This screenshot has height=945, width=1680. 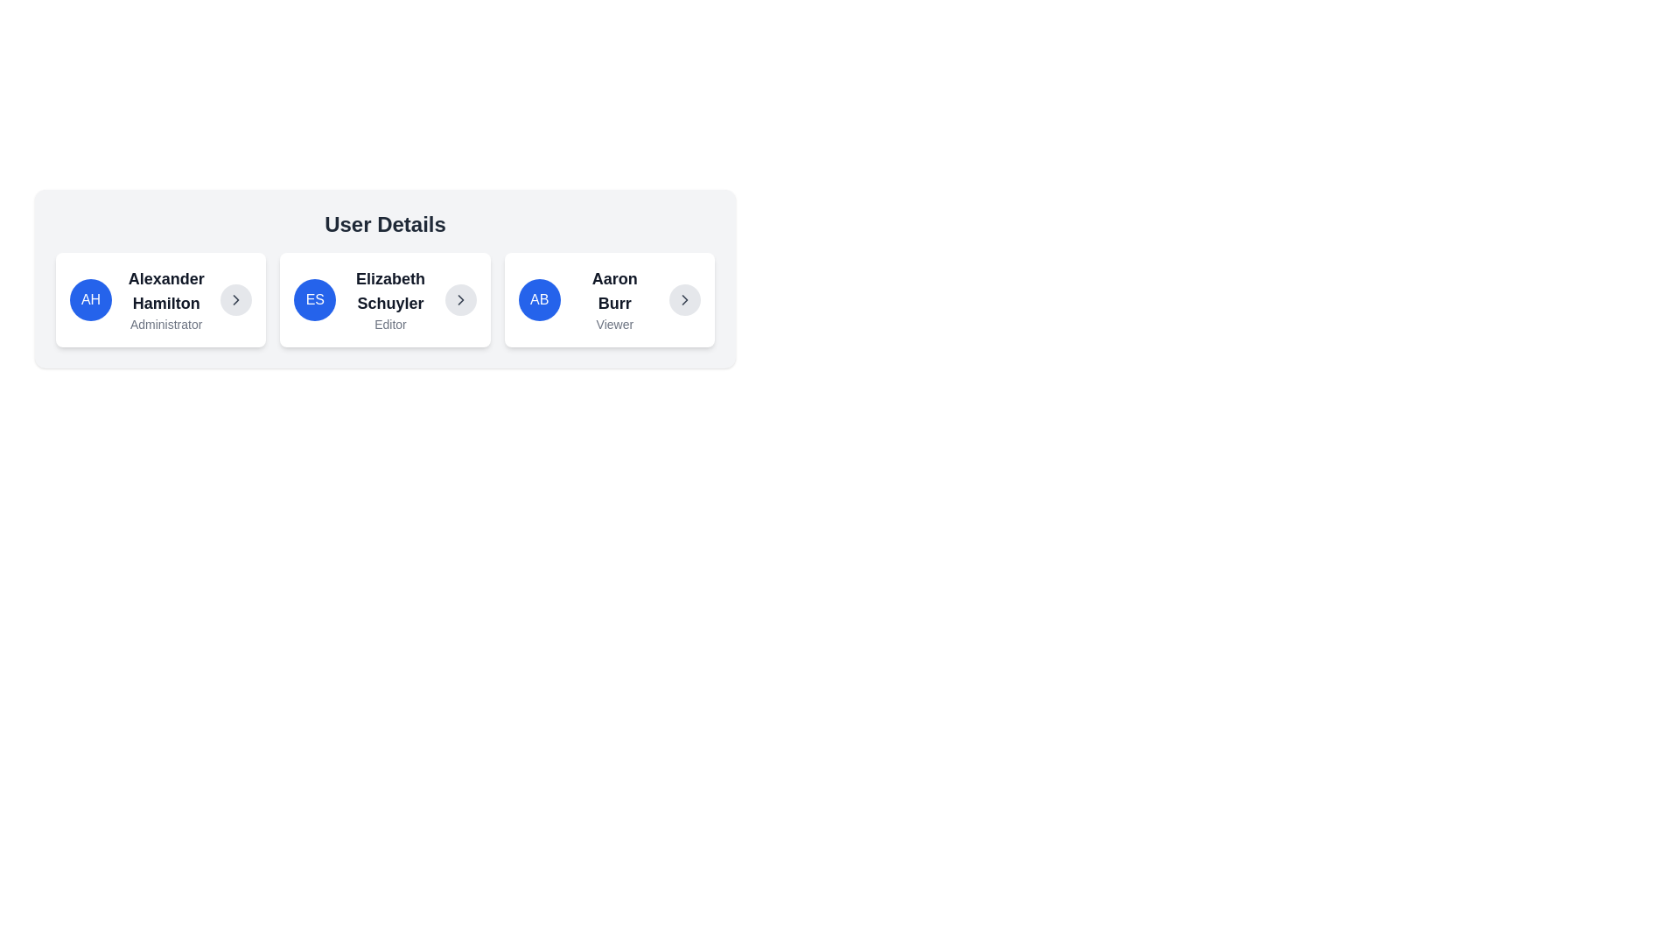 I want to click on the static text label displaying 'Aaron Burr' in the third user card located in the user details section, so click(x=614, y=290).